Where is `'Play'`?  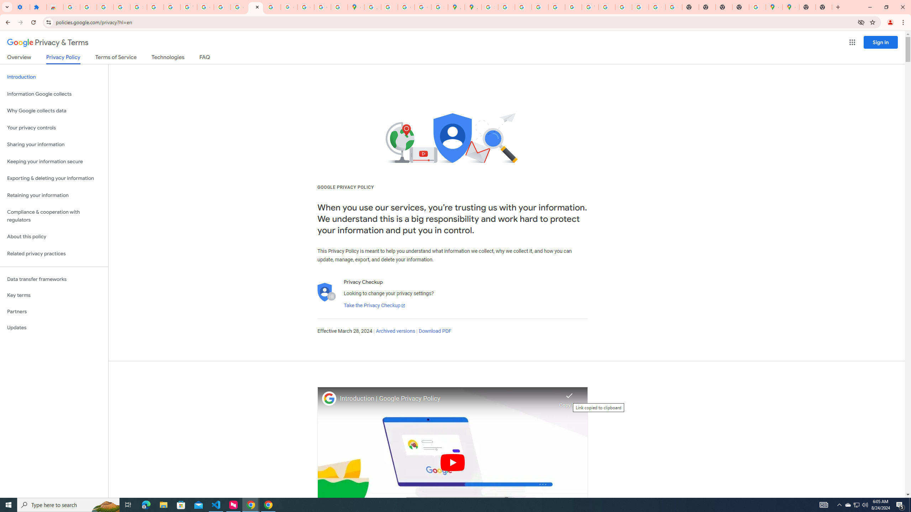 'Play' is located at coordinates (452, 462).